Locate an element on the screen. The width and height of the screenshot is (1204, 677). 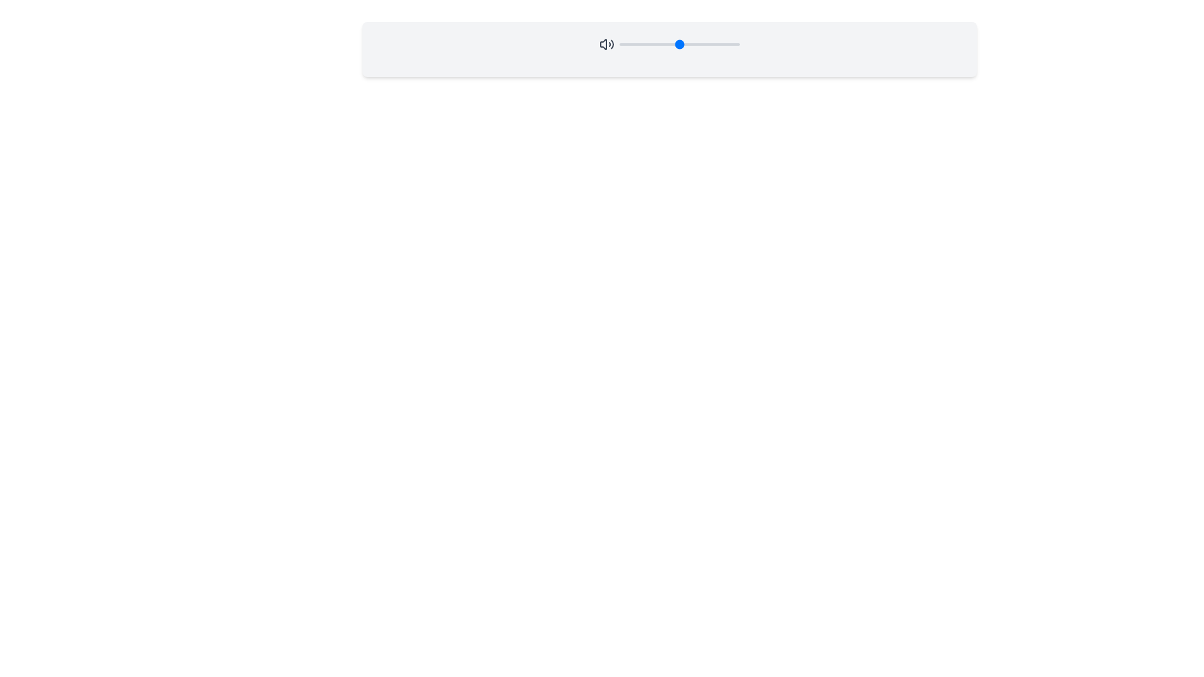
the slider is located at coordinates (692, 43).